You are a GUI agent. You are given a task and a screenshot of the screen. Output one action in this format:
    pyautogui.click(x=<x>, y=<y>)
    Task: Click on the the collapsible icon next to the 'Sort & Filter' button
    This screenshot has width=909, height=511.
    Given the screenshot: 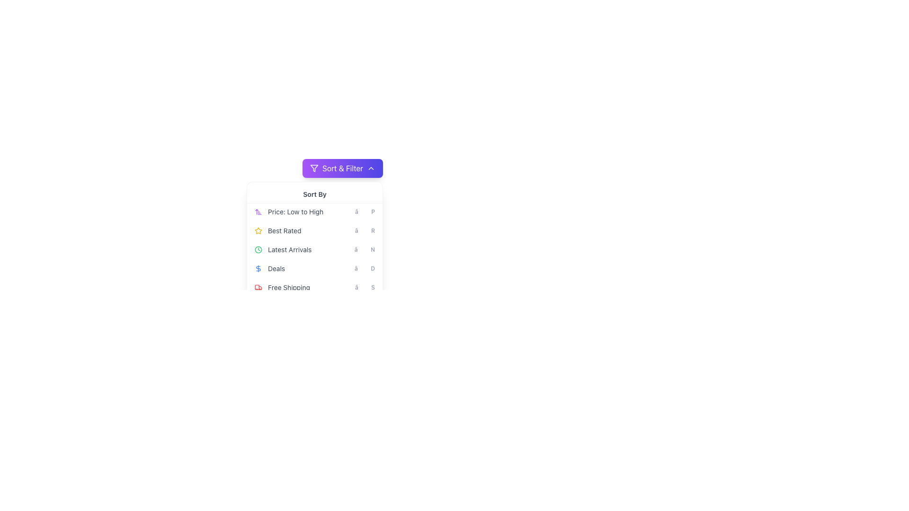 What is the action you would take?
    pyautogui.click(x=370, y=167)
    